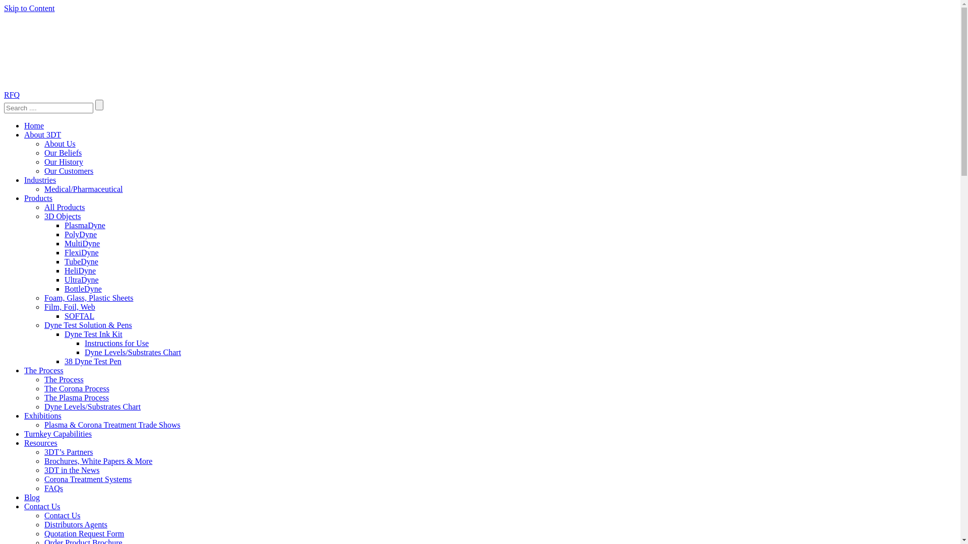  Describe the element at coordinates (89, 297) in the screenshot. I see `'Foam, Glass, Plastic Sheets'` at that location.